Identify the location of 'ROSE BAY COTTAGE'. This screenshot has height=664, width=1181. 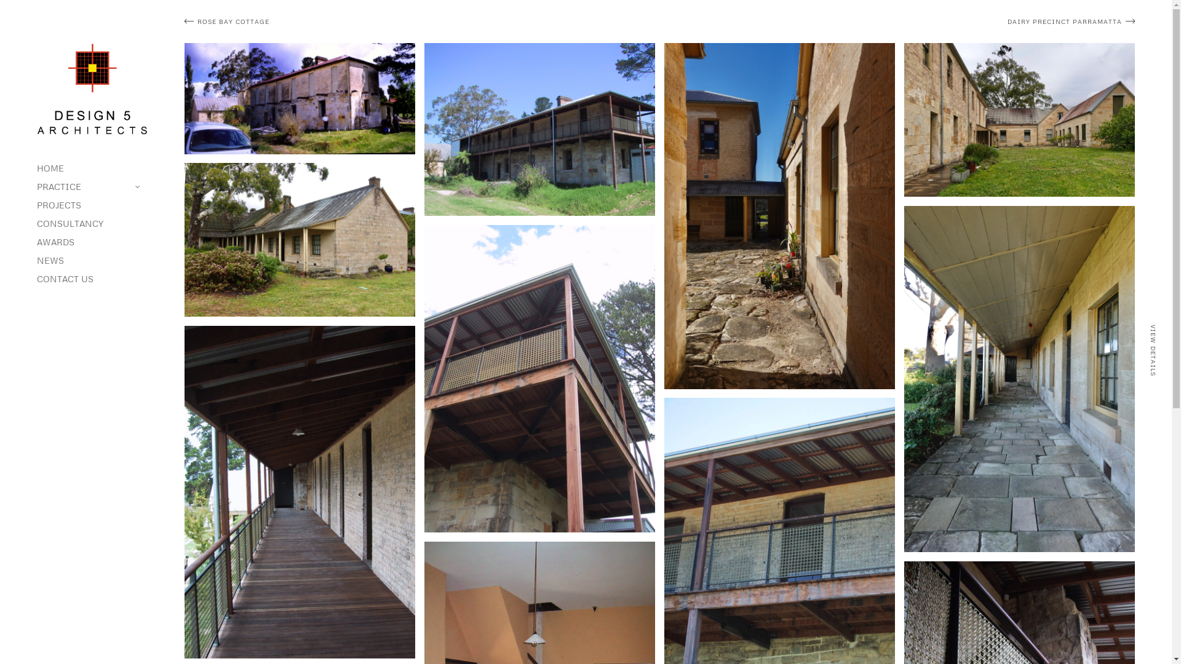
(419, 22).